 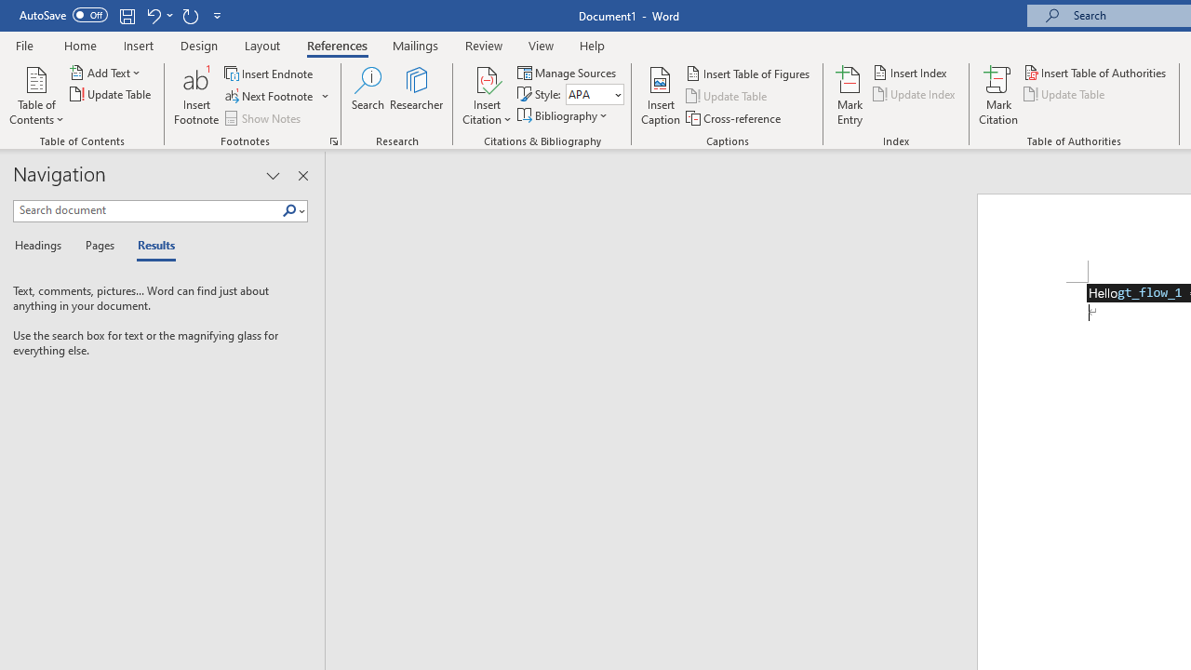 I want to click on 'Search document', so click(x=146, y=209).